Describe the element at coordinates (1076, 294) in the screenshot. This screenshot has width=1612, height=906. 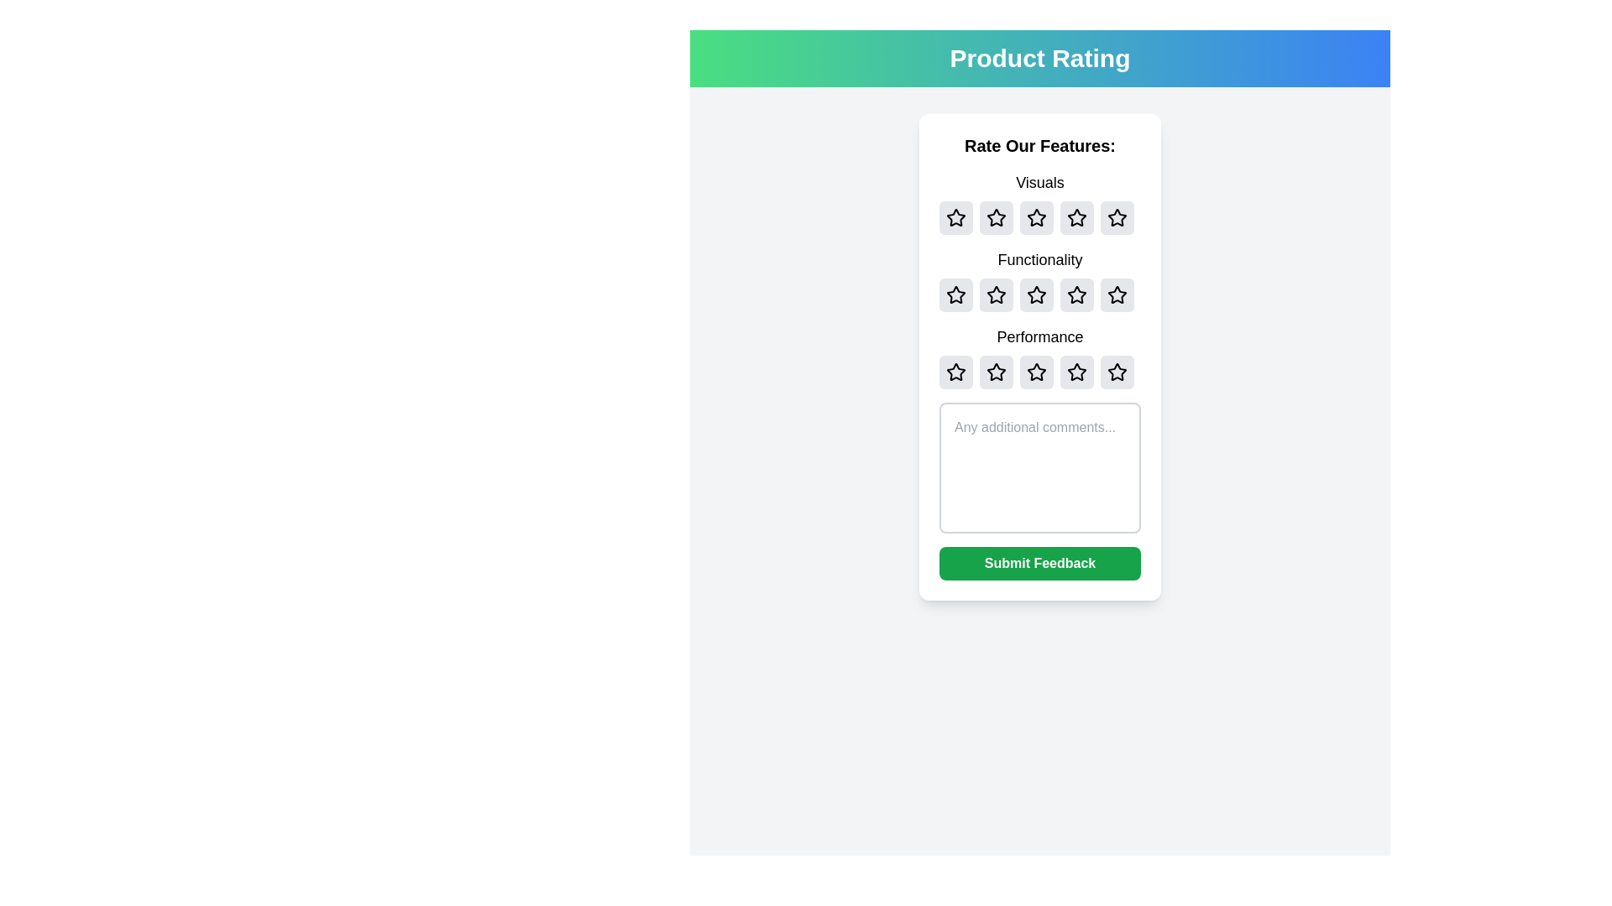
I see `the third star in the second row of the rating grid labeled 'Functionality'` at that location.